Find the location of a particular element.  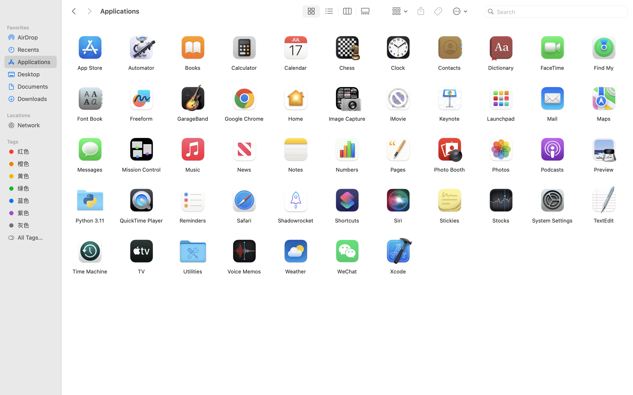

'Recents' is located at coordinates (35, 50).